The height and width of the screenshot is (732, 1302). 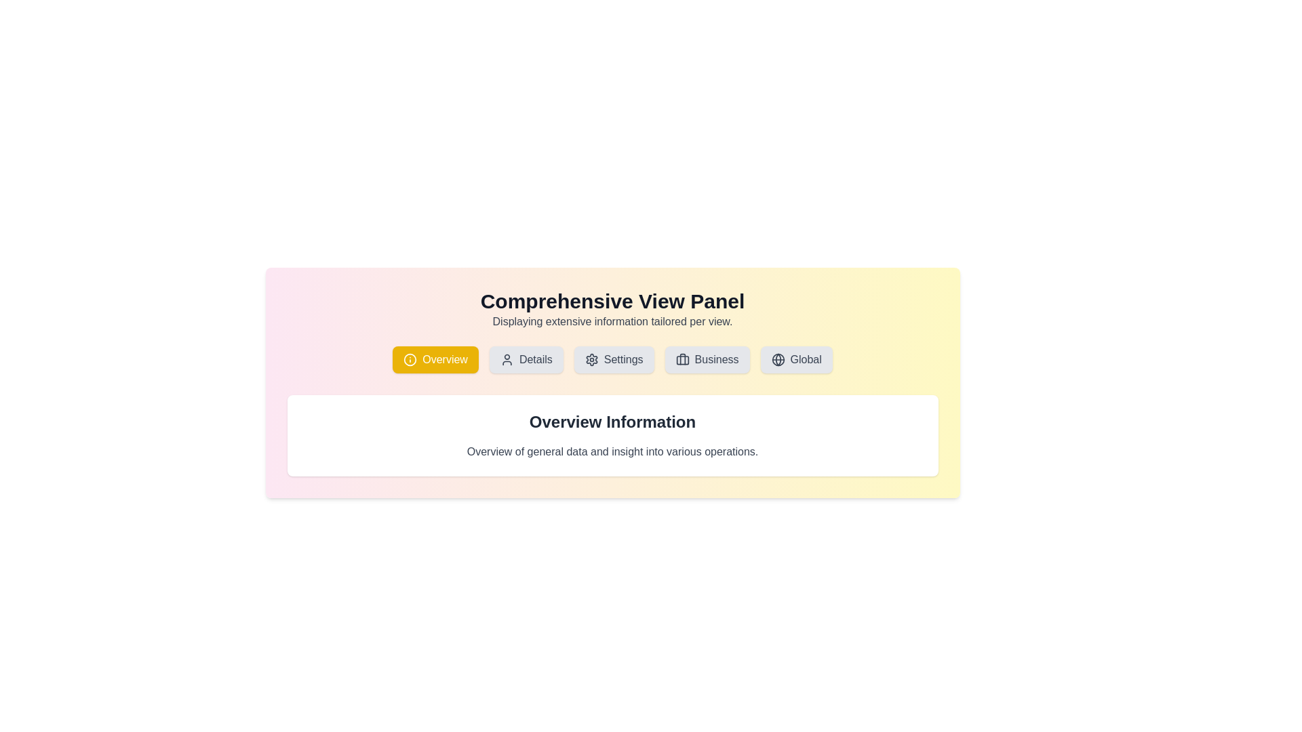 I want to click on the static text element that reads 'Displaying extensive information tailored per view.' which is styled in gray and located beneath the heading 'Comprehensive View Panel.', so click(x=612, y=321).